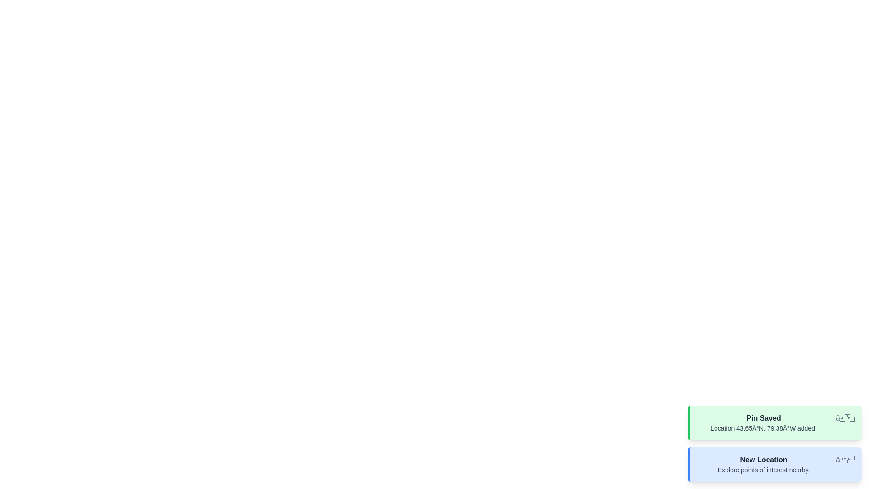 Image resolution: width=869 pixels, height=489 pixels. What do you see at coordinates (845, 418) in the screenshot?
I see `close button of the notification with title Pin Saved` at bounding box center [845, 418].